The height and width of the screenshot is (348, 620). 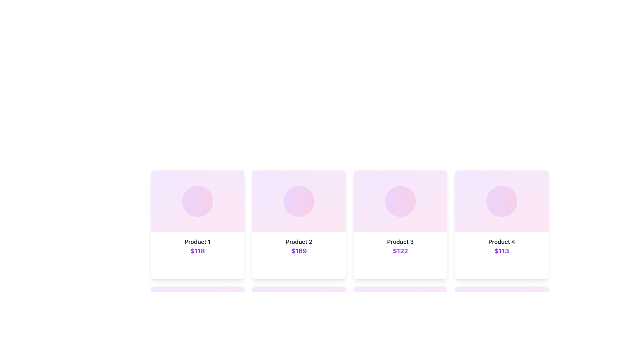 What do you see at coordinates (501, 251) in the screenshot?
I see `the price Text Label located below 'Product 4' and above the 'Add to Cart' buttons in the fourth product card` at bounding box center [501, 251].